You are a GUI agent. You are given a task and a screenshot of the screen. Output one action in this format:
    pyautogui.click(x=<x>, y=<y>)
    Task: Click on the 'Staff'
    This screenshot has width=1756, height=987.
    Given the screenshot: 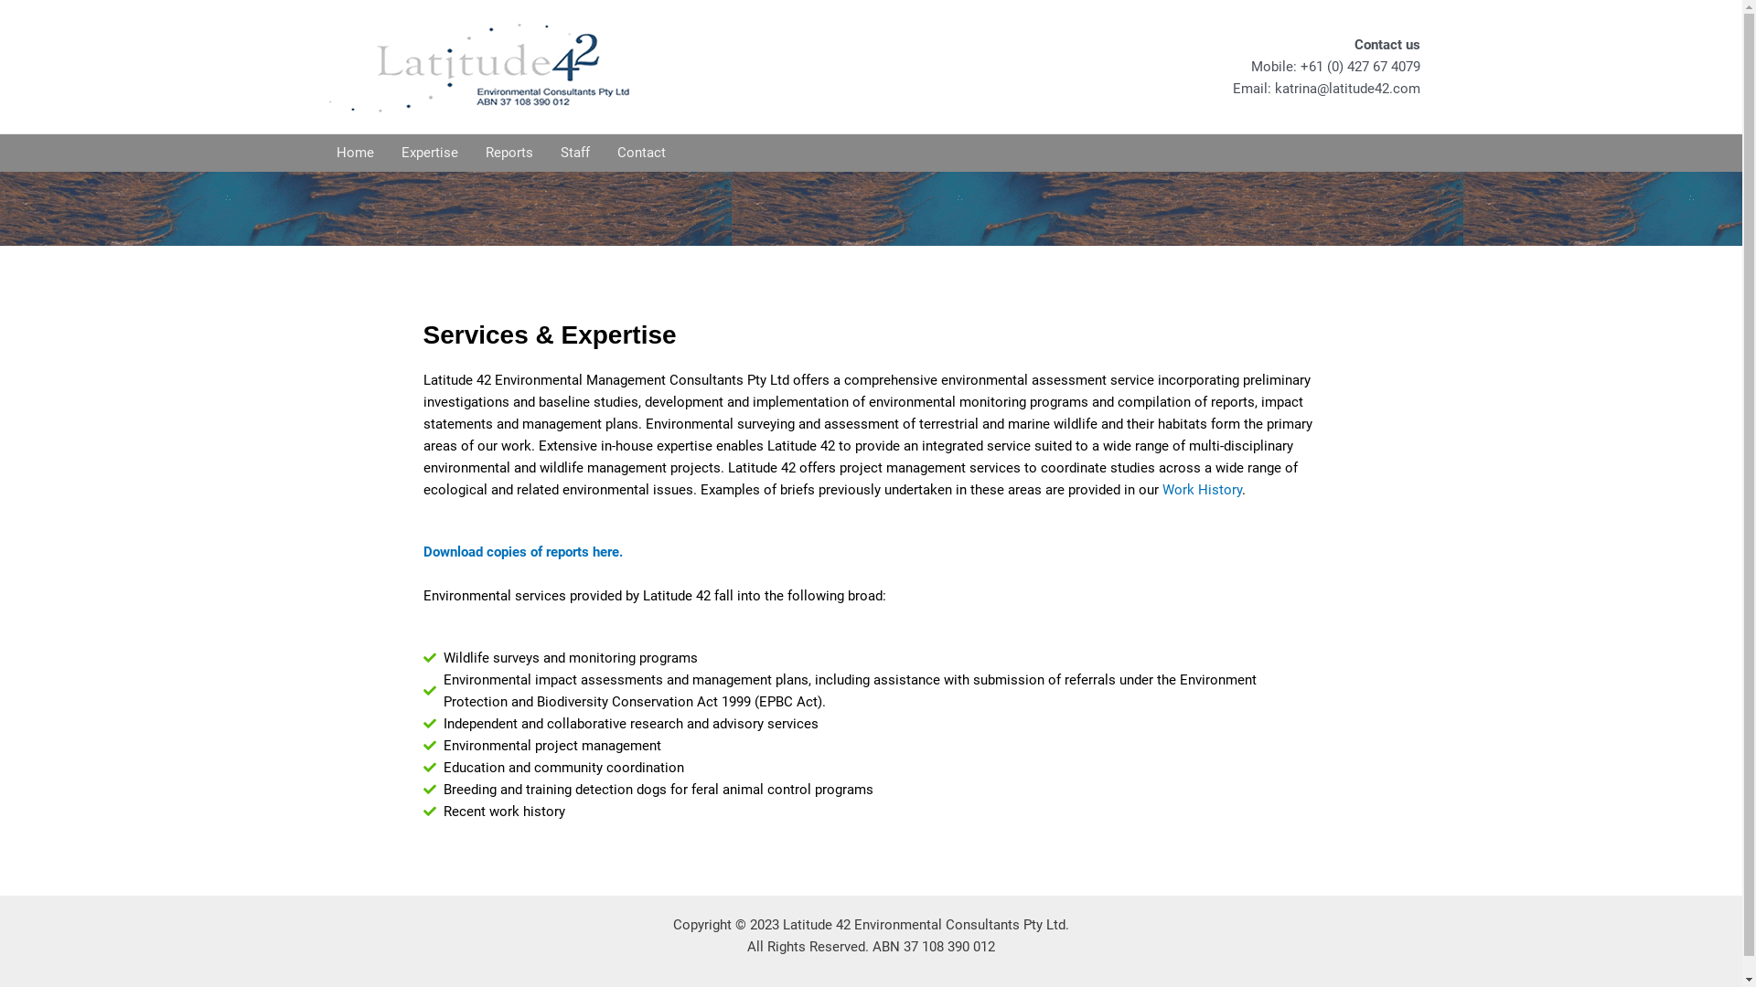 What is the action you would take?
    pyautogui.click(x=573, y=151)
    